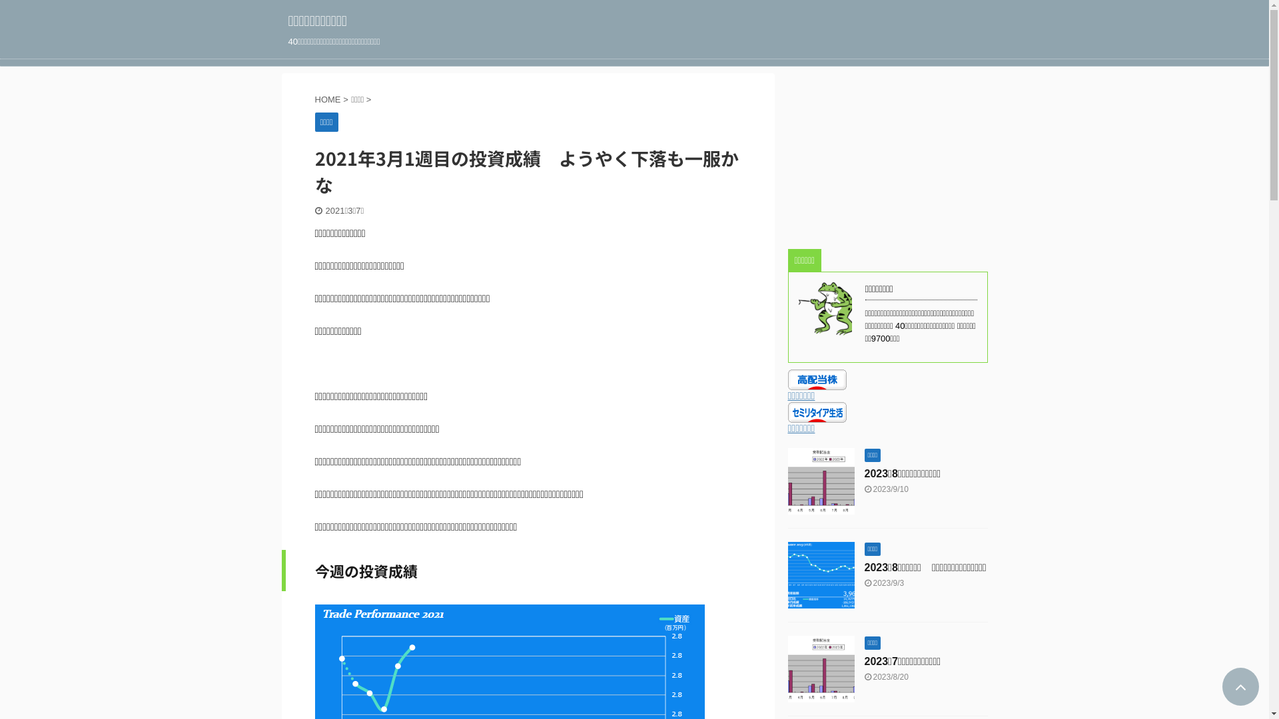 The height and width of the screenshot is (719, 1279). Describe the element at coordinates (887, 156) in the screenshot. I see `'Advertisement'` at that location.